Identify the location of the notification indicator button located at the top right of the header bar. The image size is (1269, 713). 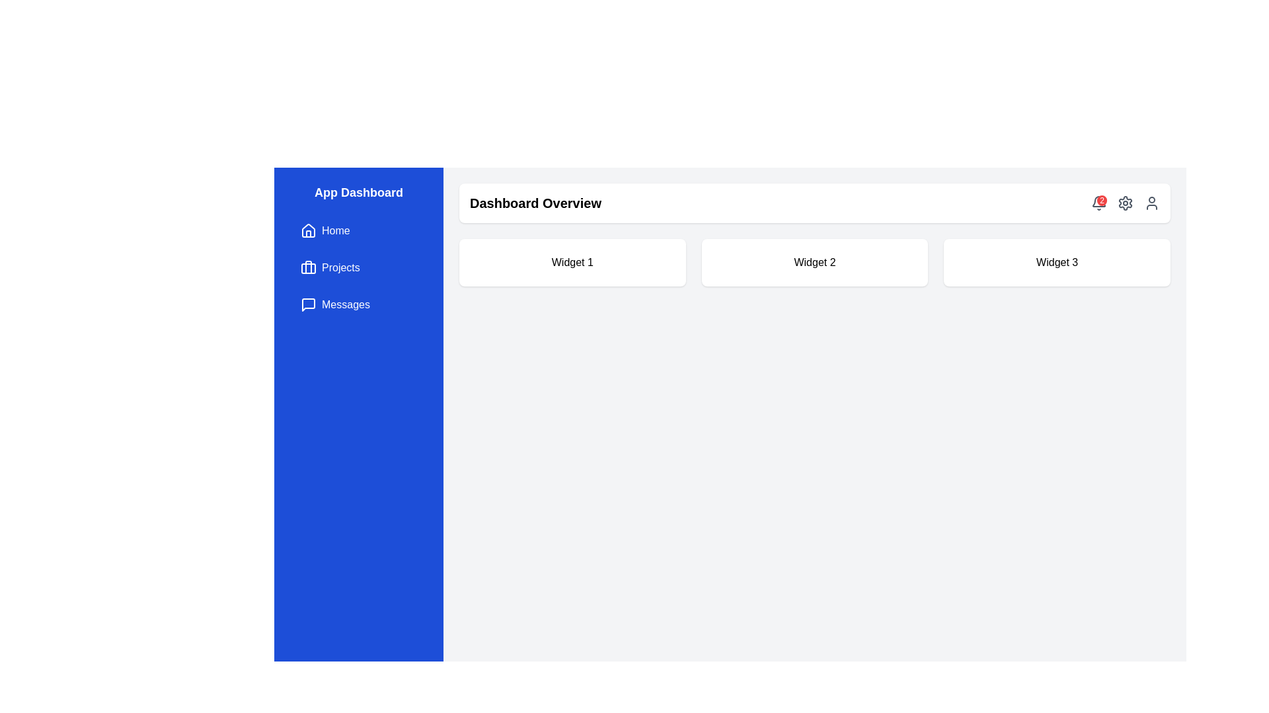
(1098, 203).